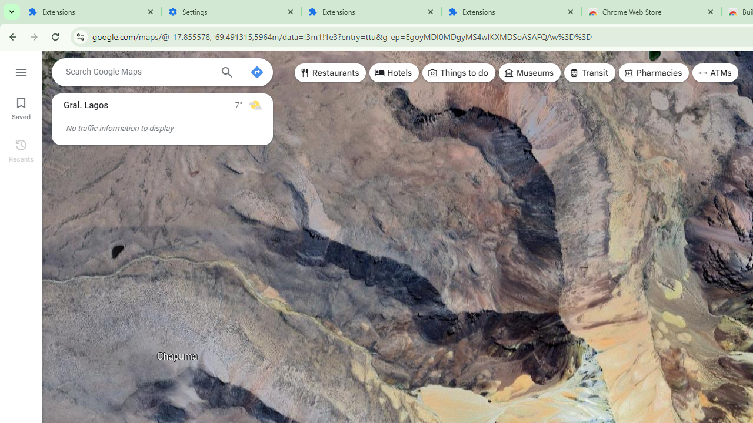  Describe the element at coordinates (329, 73) in the screenshot. I see `'Restaurants'` at that location.